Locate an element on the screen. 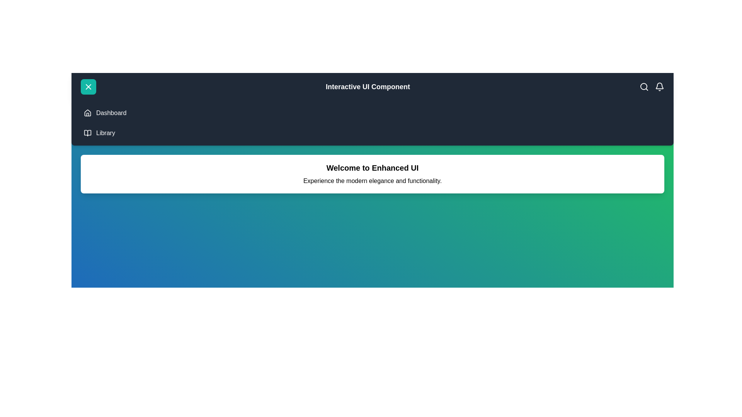 This screenshot has width=742, height=417. the notification icon to view notifications is located at coordinates (659, 86).